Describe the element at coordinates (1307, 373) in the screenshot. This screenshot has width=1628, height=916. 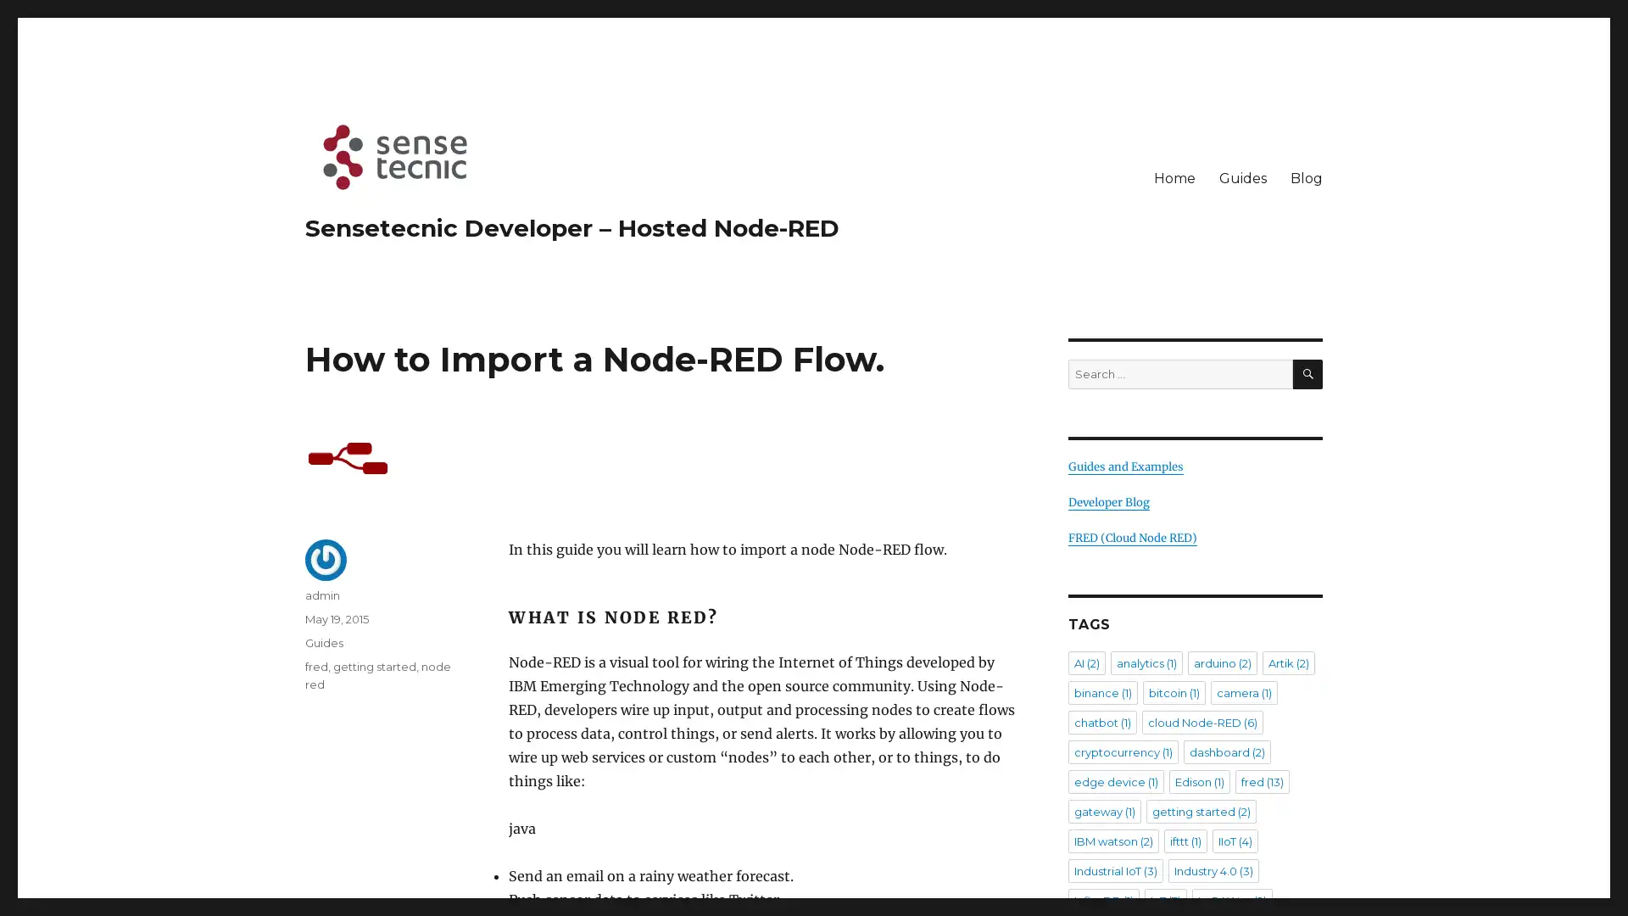
I see `SEARCH` at that location.